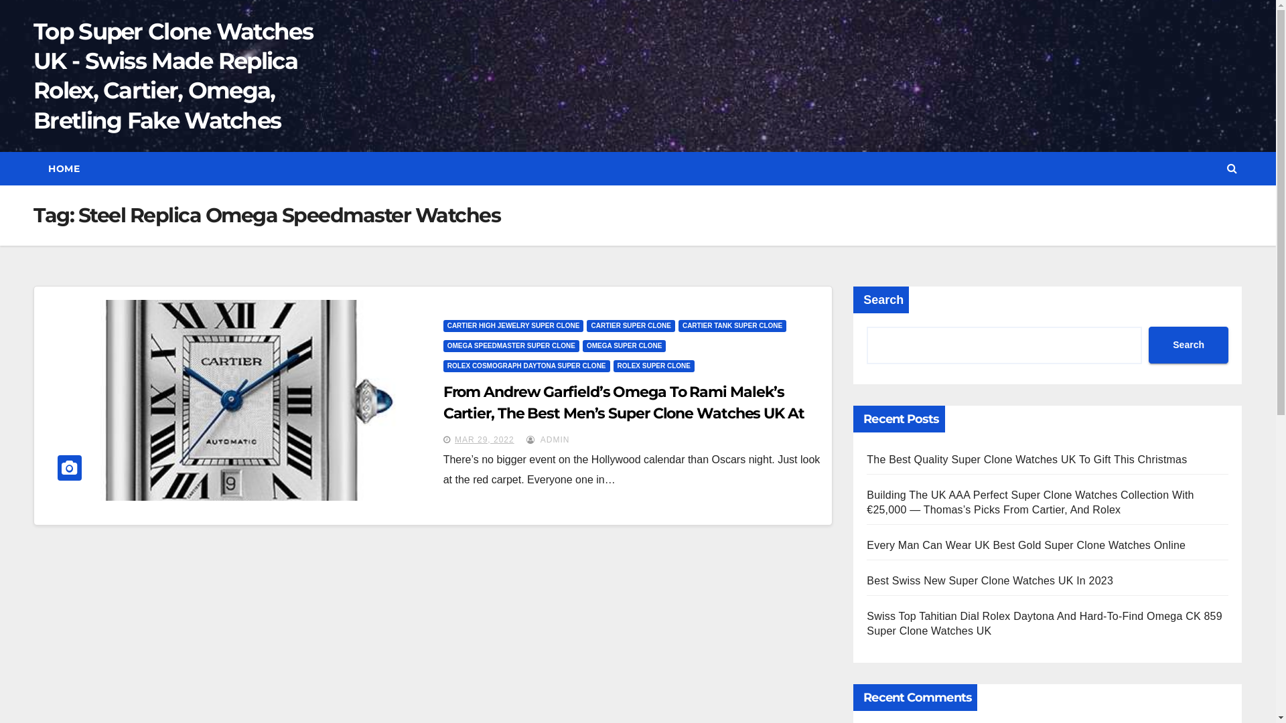 The height and width of the screenshot is (723, 1286). I want to click on 'CARTIER HIGH JEWELRY SUPER CLONE', so click(513, 325).